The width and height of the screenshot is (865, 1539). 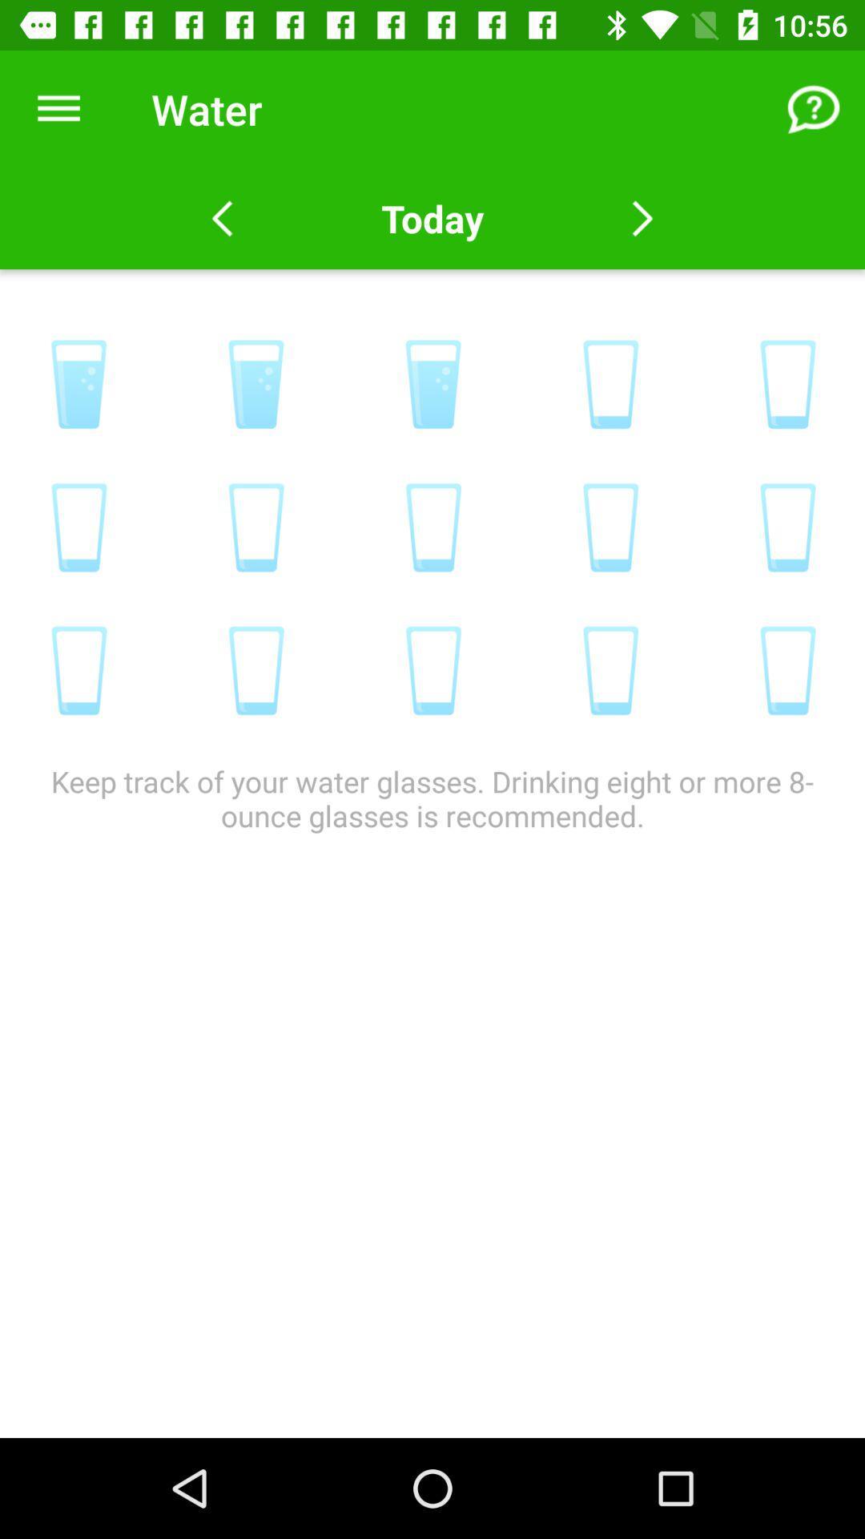 What do you see at coordinates (432, 218) in the screenshot?
I see `today item` at bounding box center [432, 218].